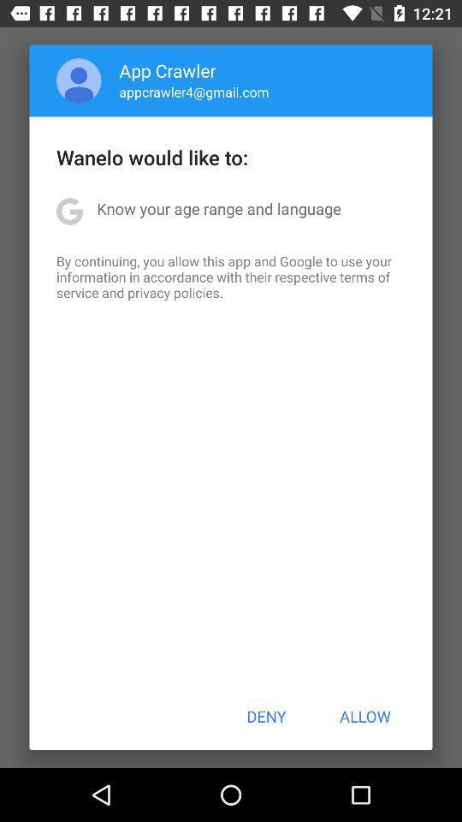 This screenshot has height=822, width=462. I want to click on appcrawler4@gmail.com, so click(193, 92).